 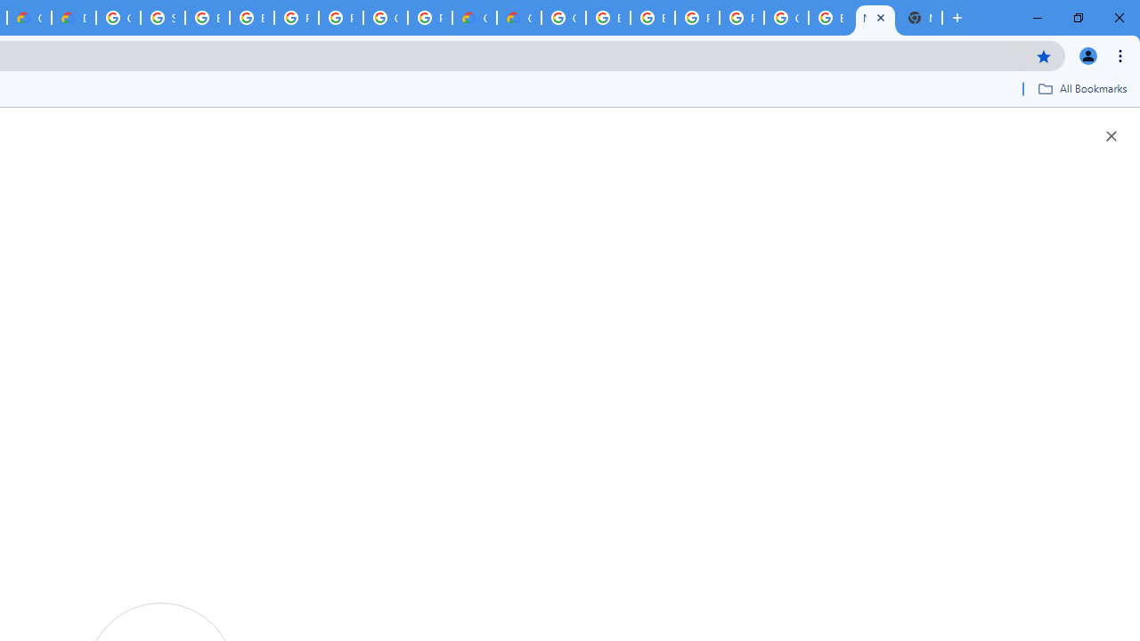 I want to click on 'Browse Chrome as a guest - Computer - Google Chrome Help', so click(x=251, y=18).